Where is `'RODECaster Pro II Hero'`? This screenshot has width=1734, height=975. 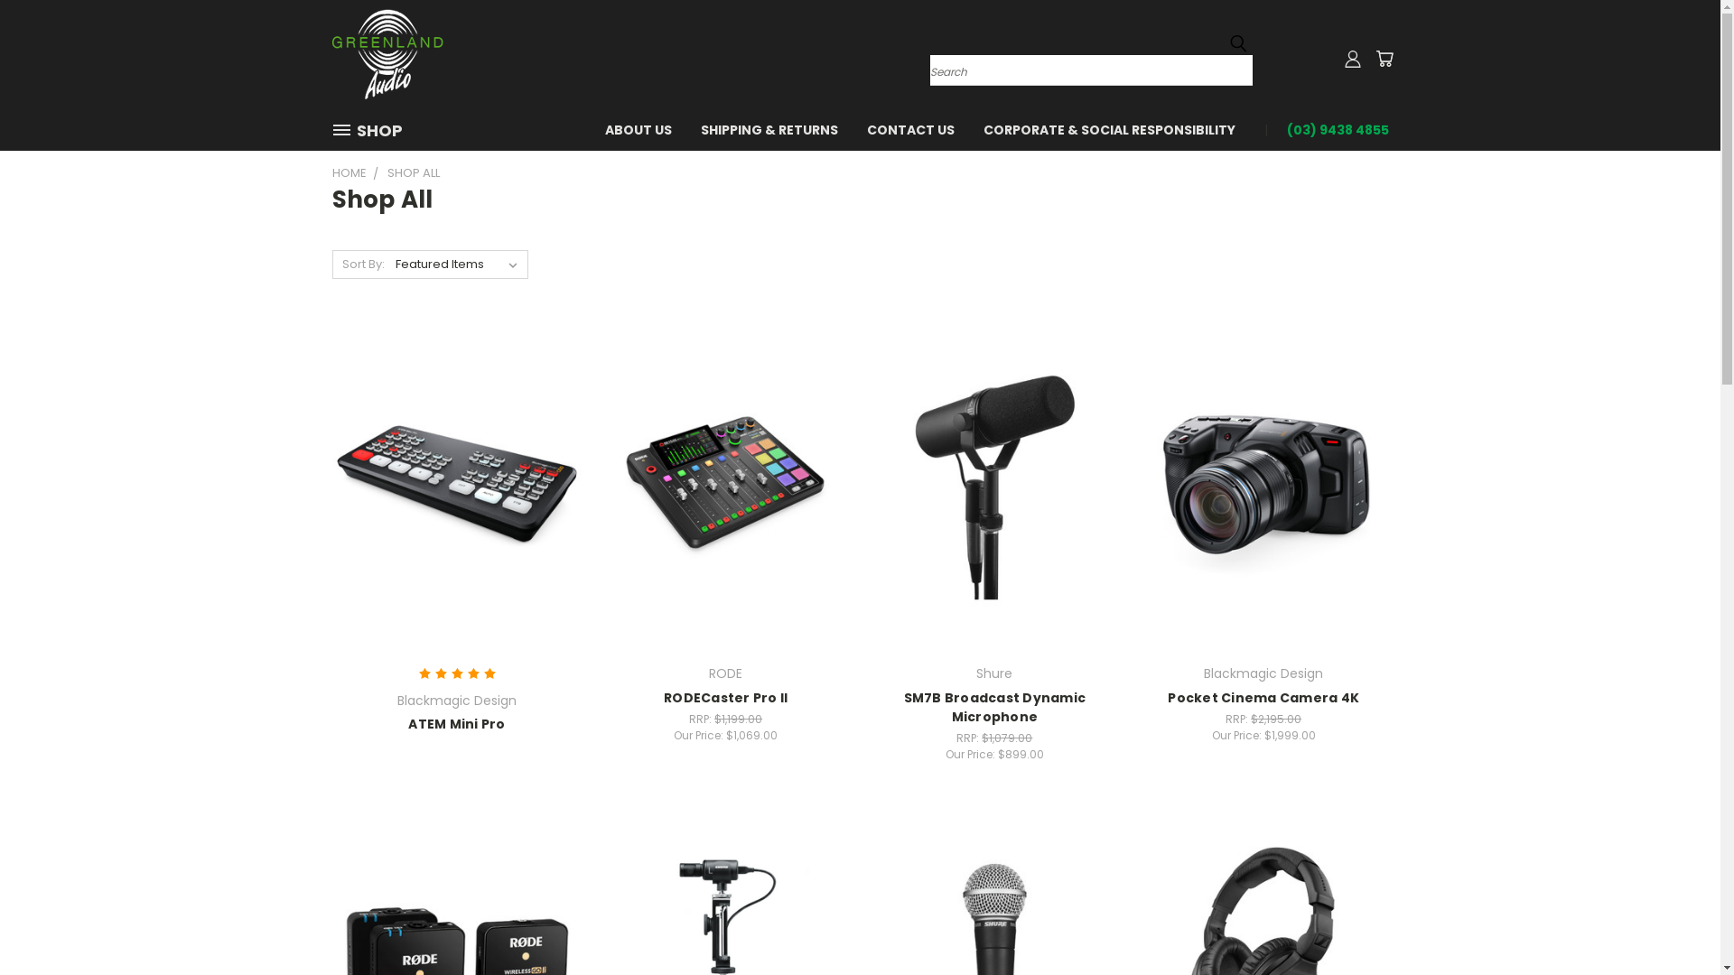 'RODECaster Pro II Hero' is located at coordinates (725, 487).